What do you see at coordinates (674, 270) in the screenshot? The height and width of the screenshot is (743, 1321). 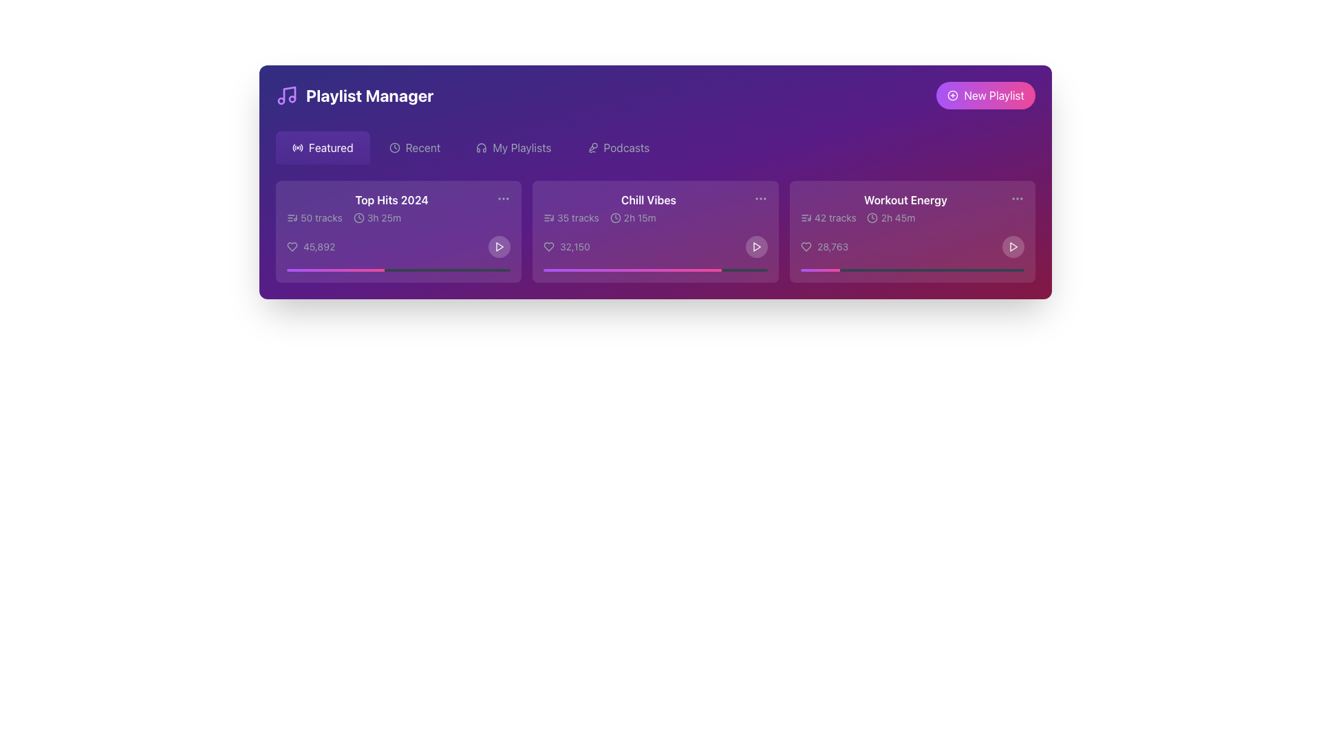 I see `the position on the slider` at bounding box center [674, 270].